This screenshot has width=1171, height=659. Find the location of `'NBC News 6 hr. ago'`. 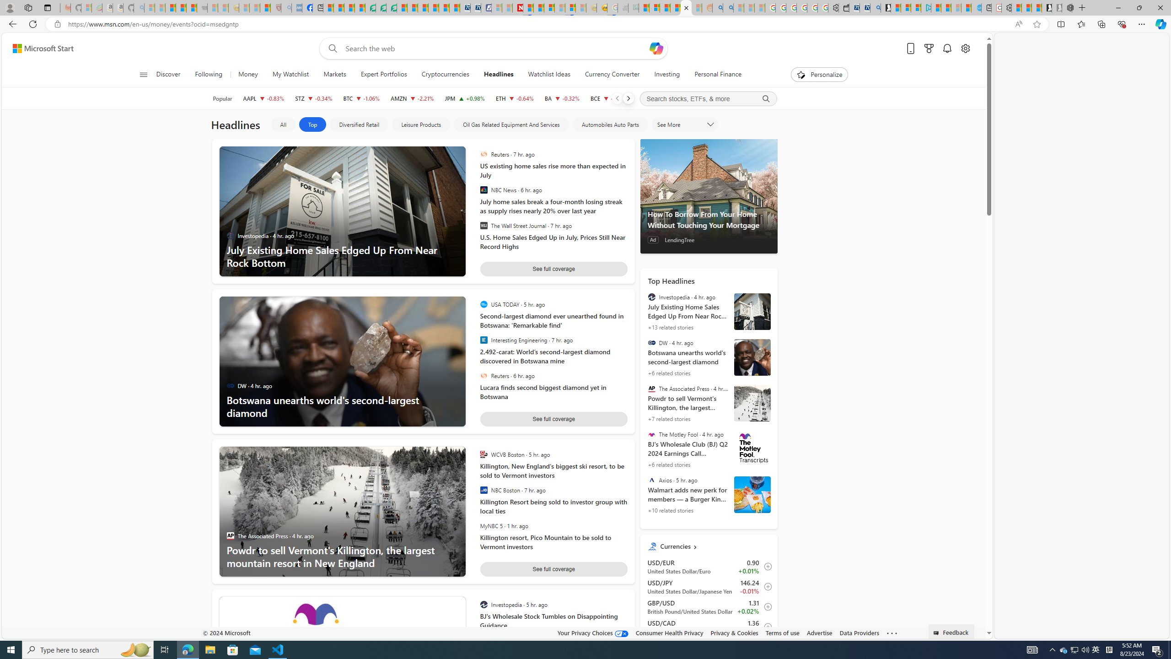

'NBC News 6 hr. ago' is located at coordinates (551, 189).